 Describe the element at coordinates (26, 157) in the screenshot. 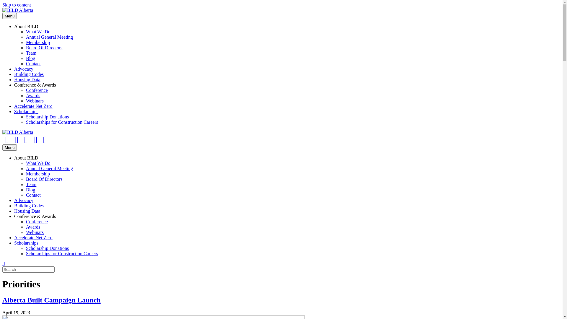

I see `'About BILD'` at that location.